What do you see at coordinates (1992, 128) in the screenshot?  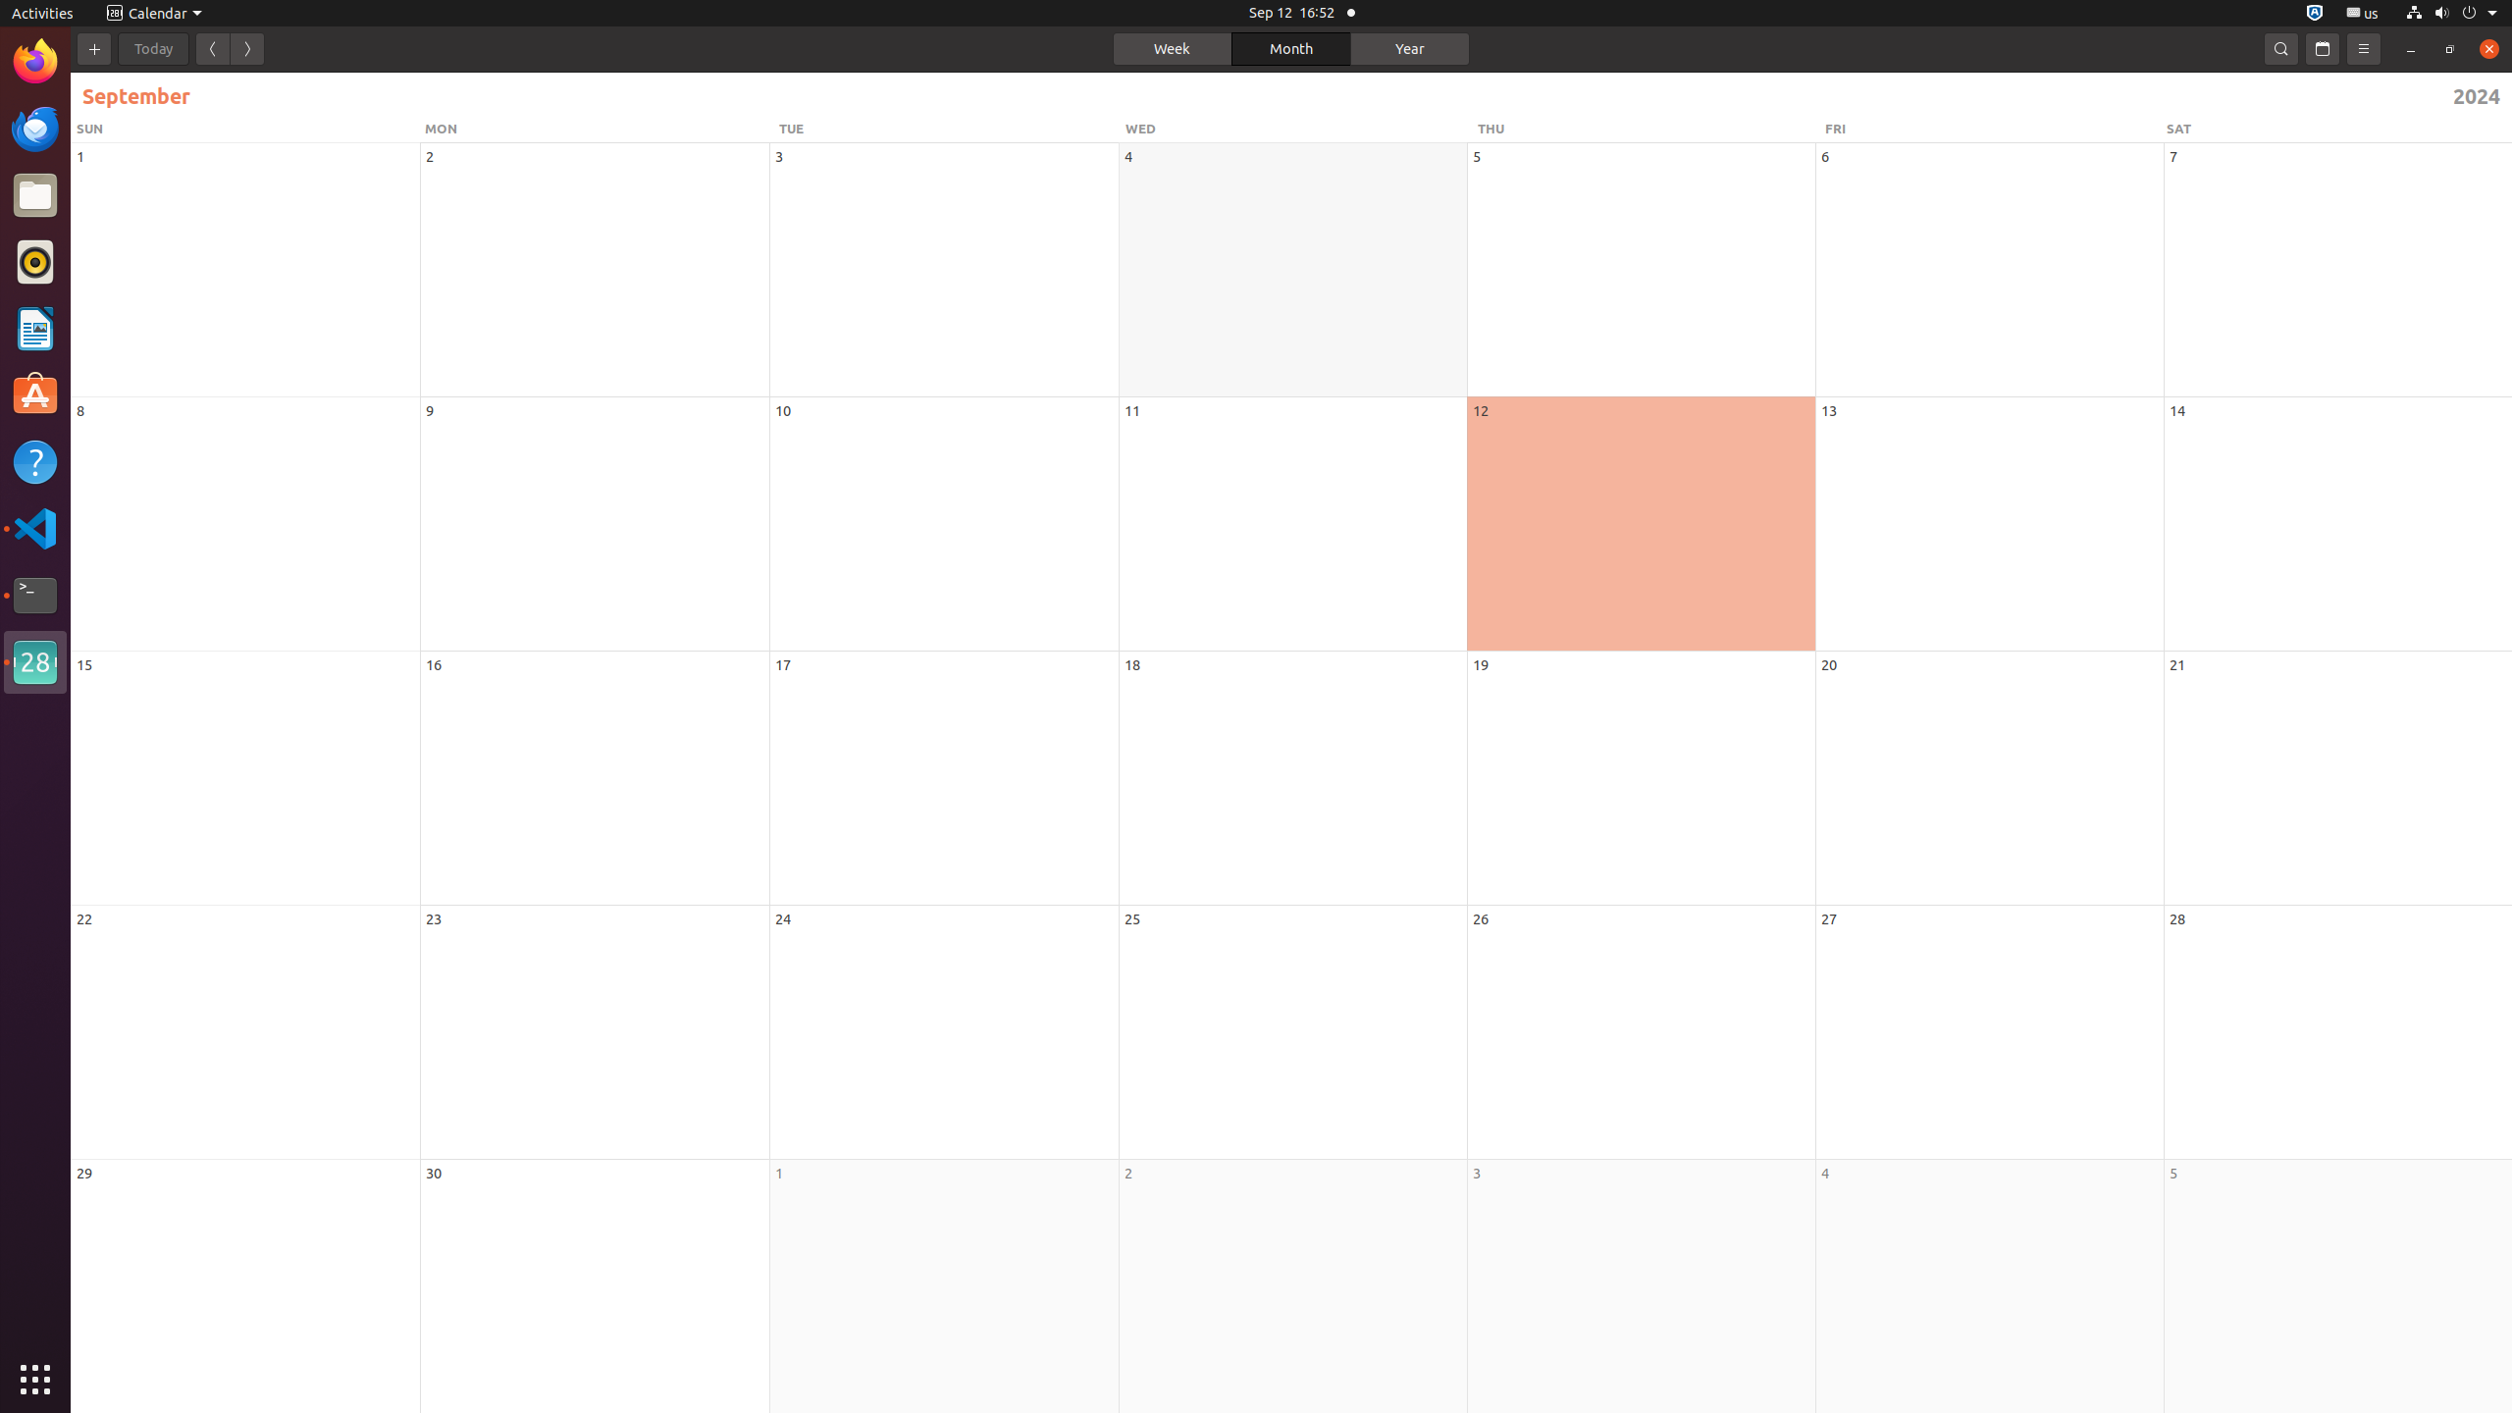 I see `'FRI'` at bounding box center [1992, 128].